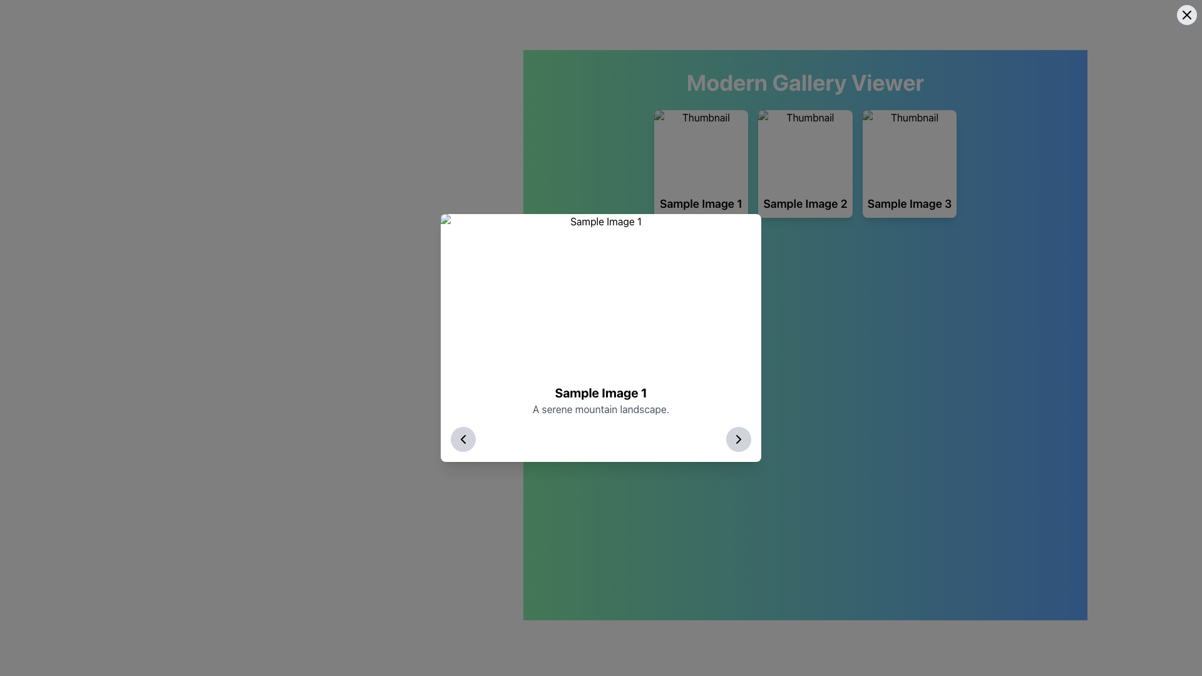 Image resolution: width=1202 pixels, height=676 pixels. I want to click on the thumbnail image with rounded top corners, which has a placeholder background and is labeled 'Sample Image 1' in the caption below, so click(700, 149).